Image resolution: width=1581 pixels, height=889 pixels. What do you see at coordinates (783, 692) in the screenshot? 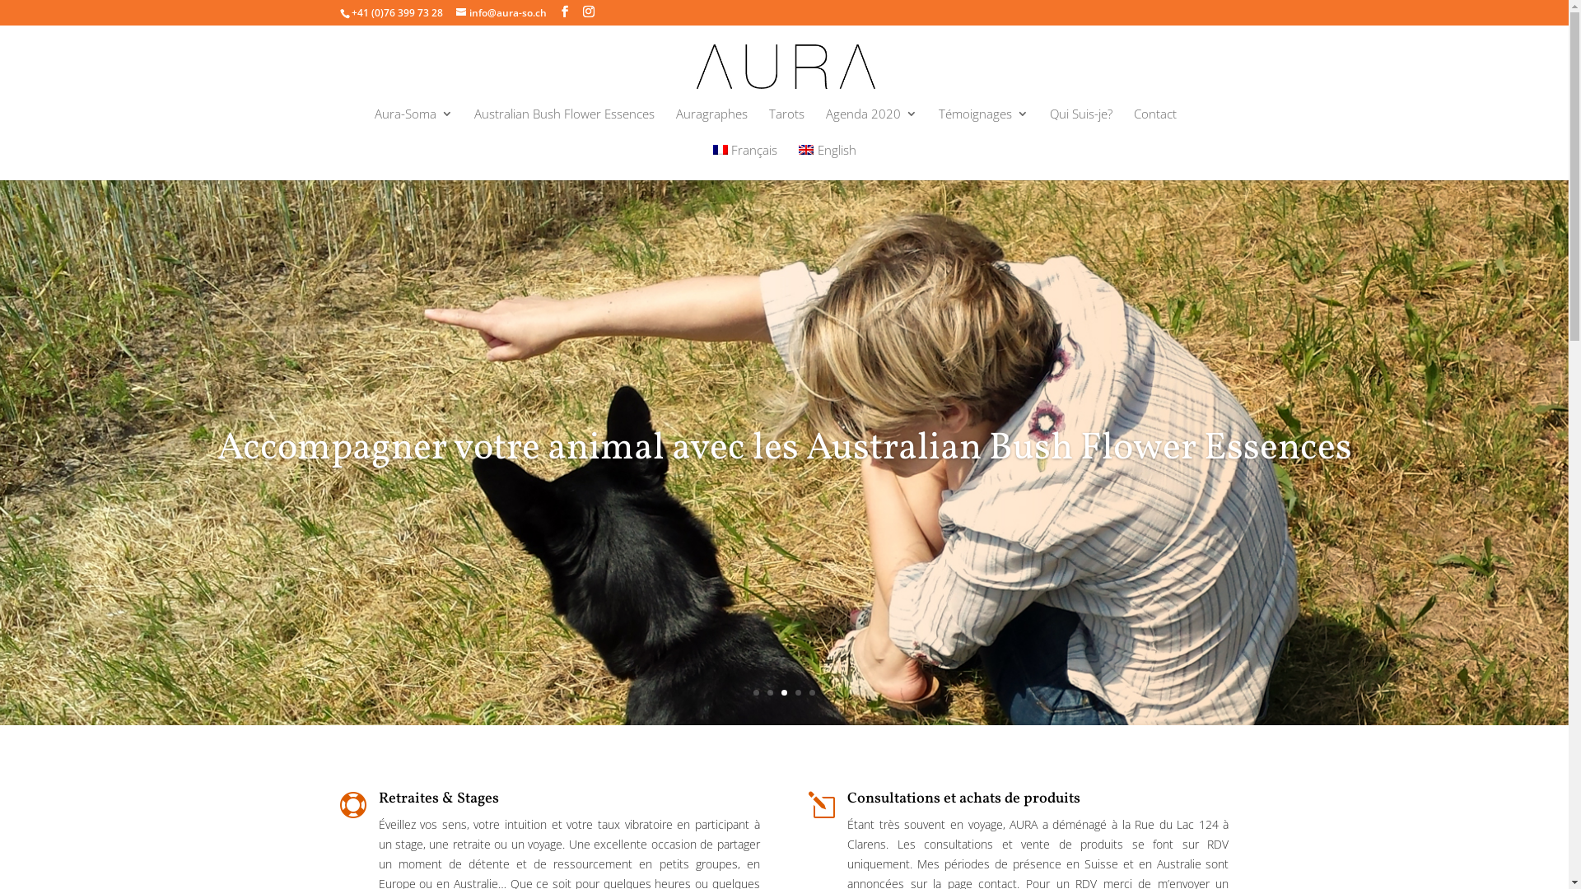
I see `'3'` at bounding box center [783, 692].